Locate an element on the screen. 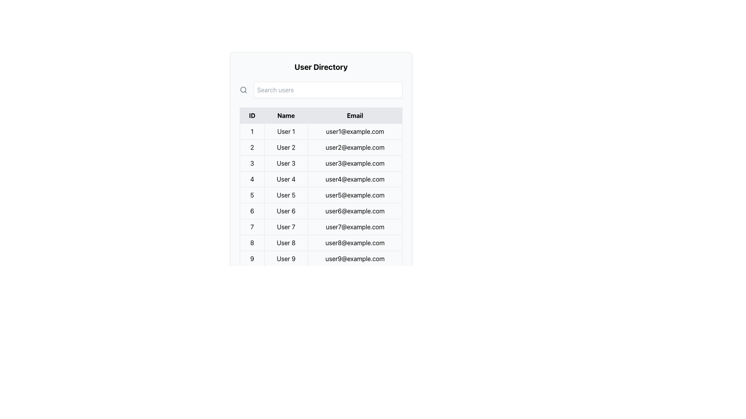 Image resolution: width=746 pixels, height=419 pixels. the Text Label displaying the name associated with ID 9 in the table, located in the third cell of the ninth row under the 'Name' column is located at coordinates (286, 259).